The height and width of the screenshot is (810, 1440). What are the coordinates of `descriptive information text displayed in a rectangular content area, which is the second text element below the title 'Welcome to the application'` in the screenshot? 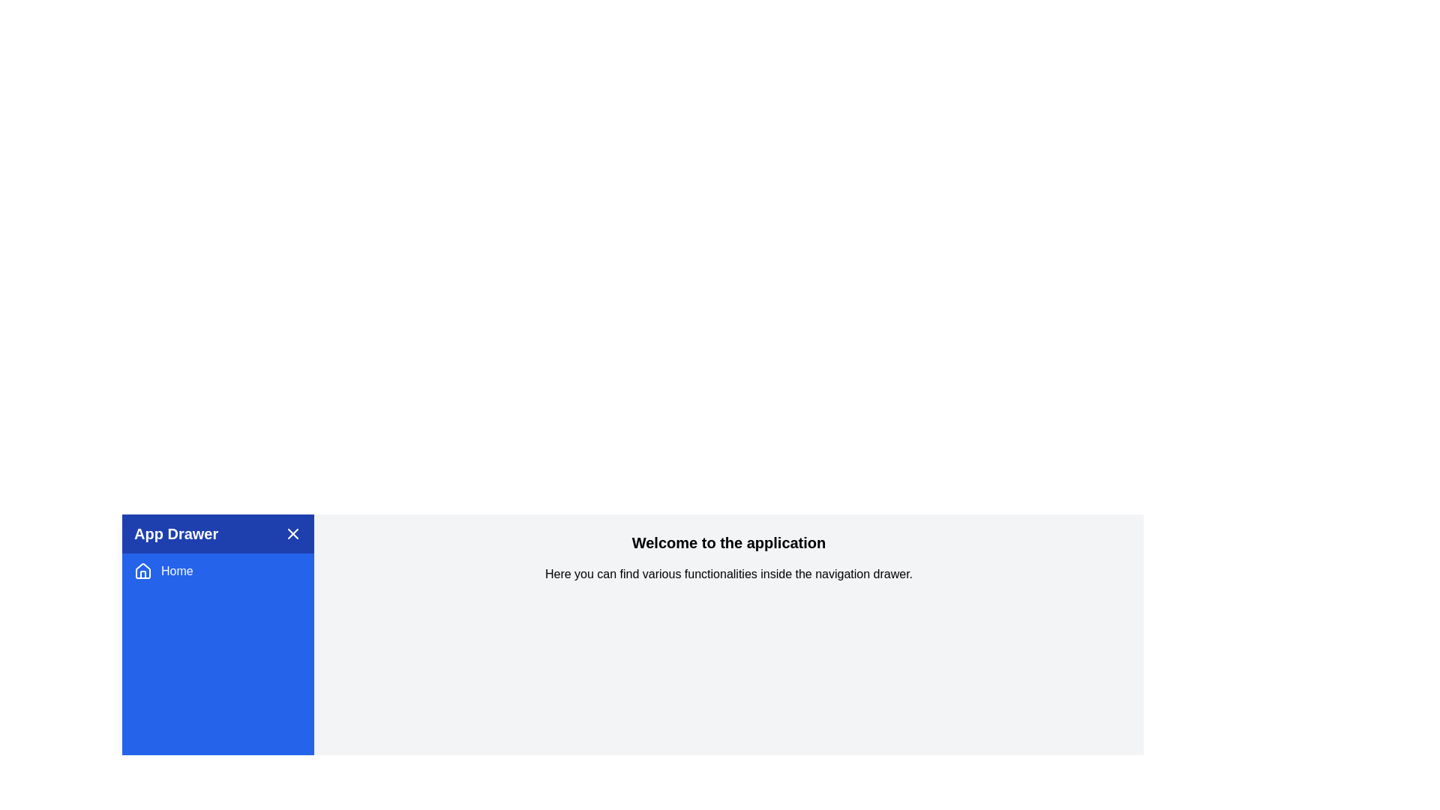 It's located at (728, 574).